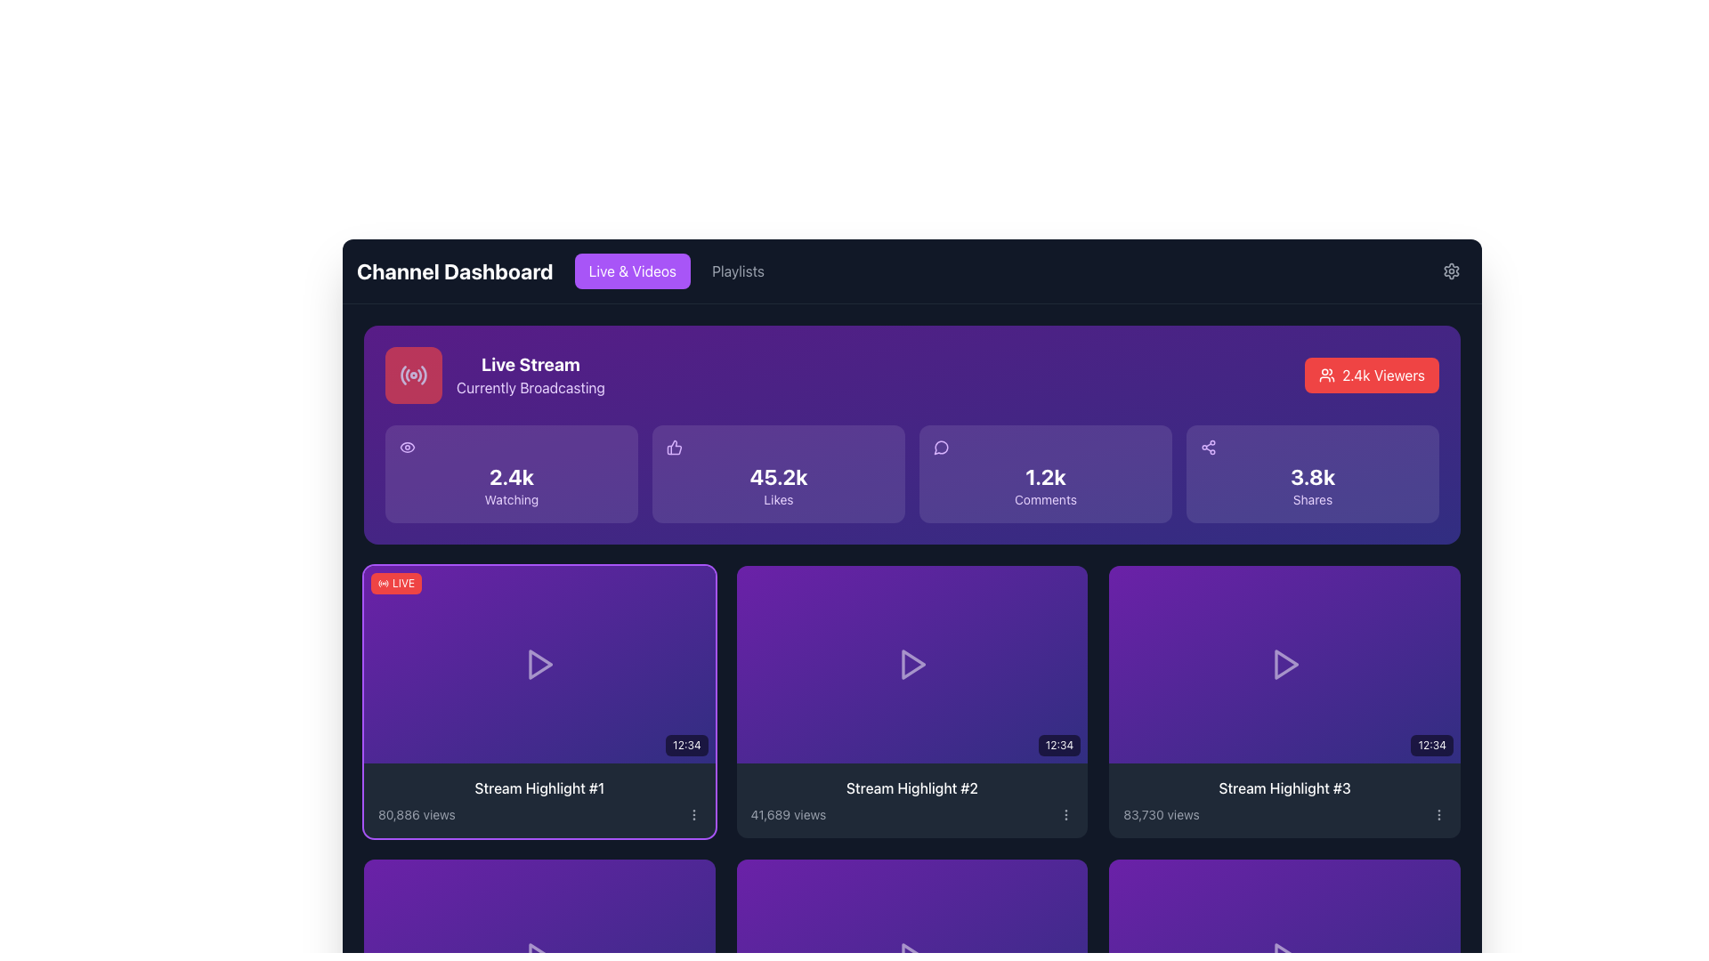 The height and width of the screenshot is (961, 1709). Describe the element at coordinates (911, 665) in the screenshot. I see `the triangular play button icon located centrally within the second tile of the video highlights interface` at that location.